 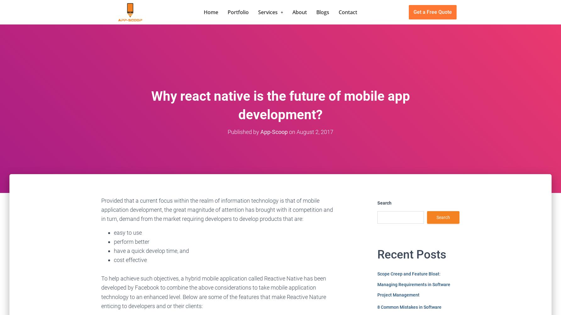 I want to click on 'have a quick develop time, and', so click(x=151, y=251).